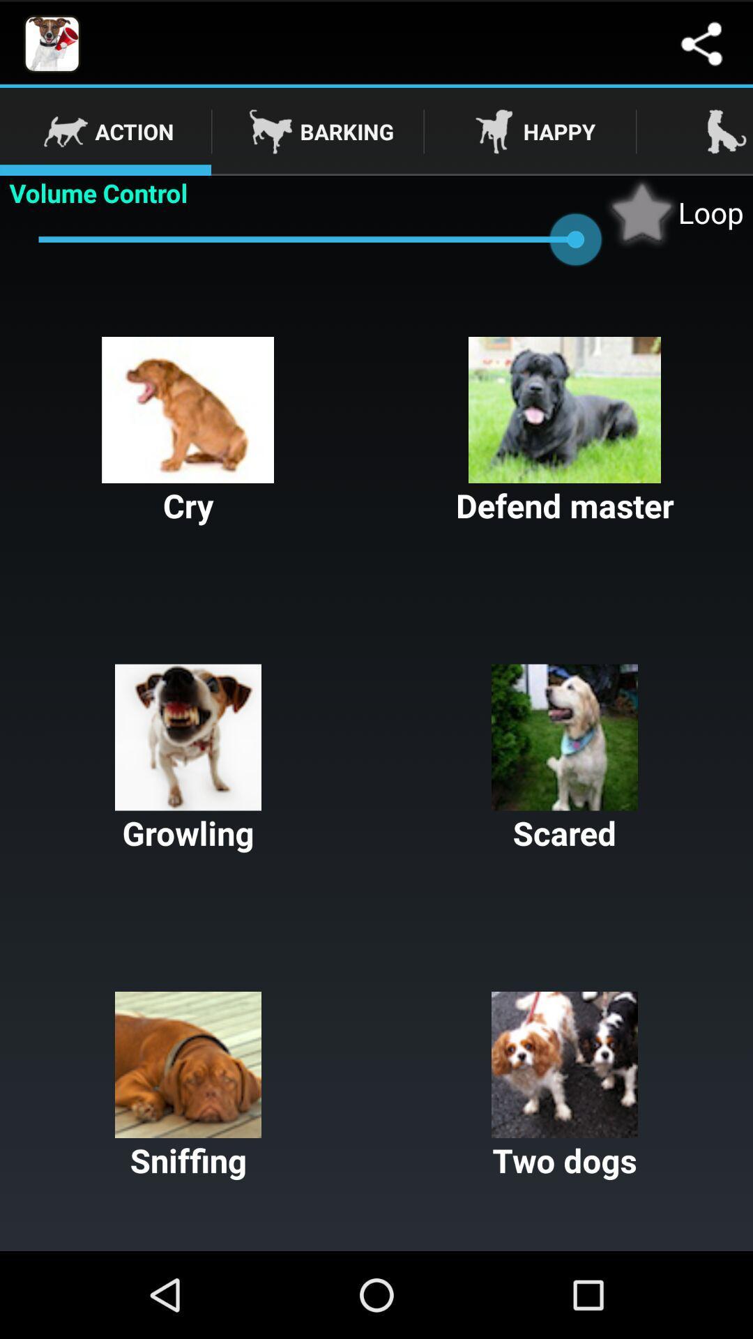  What do you see at coordinates (674, 211) in the screenshot?
I see `the loop item` at bounding box center [674, 211].